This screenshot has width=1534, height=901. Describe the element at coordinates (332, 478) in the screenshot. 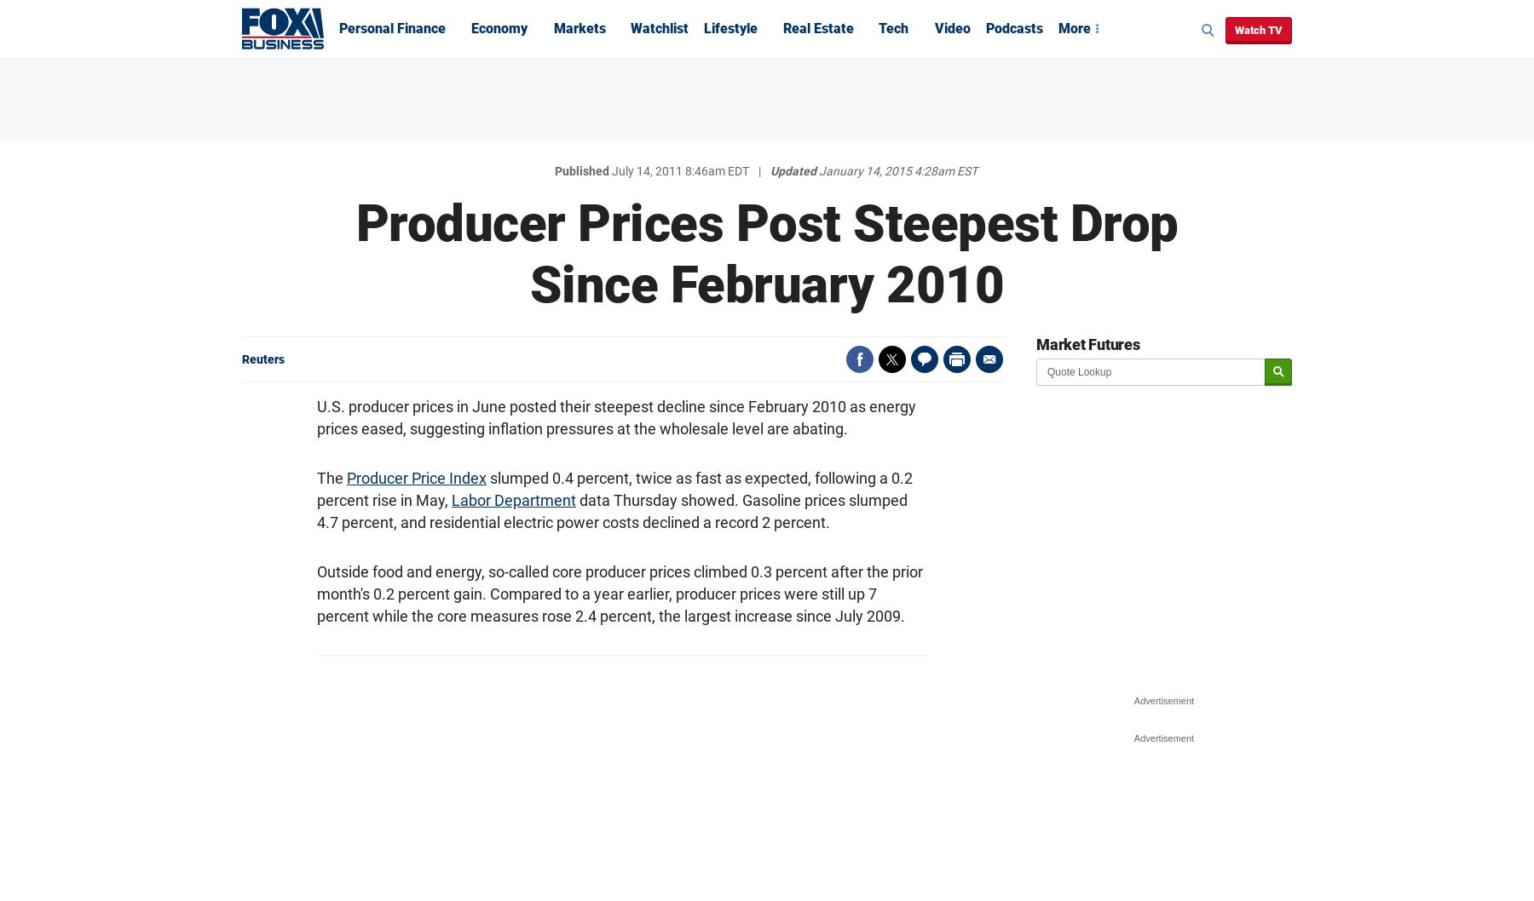

I see `'The'` at that location.